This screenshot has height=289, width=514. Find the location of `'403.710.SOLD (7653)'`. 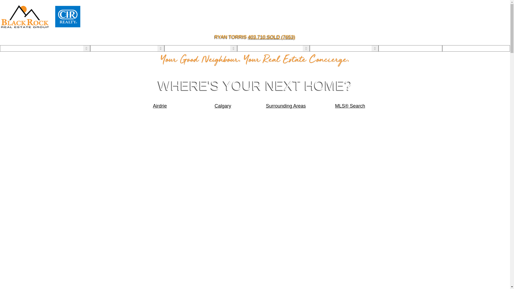

'403.710.SOLD (7653)' is located at coordinates (271, 37).